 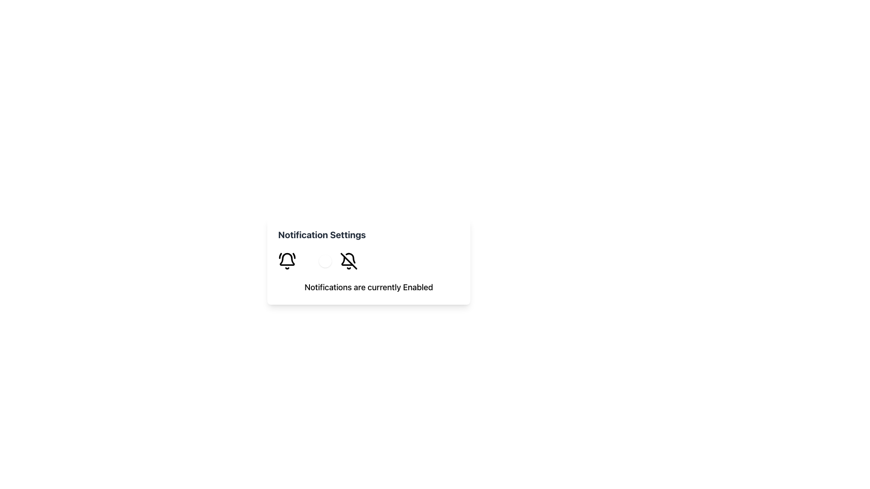 I want to click on the Interactive Toggle Menu element, which includes notification state icons and a toggle switch, so click(x=369, y=261).